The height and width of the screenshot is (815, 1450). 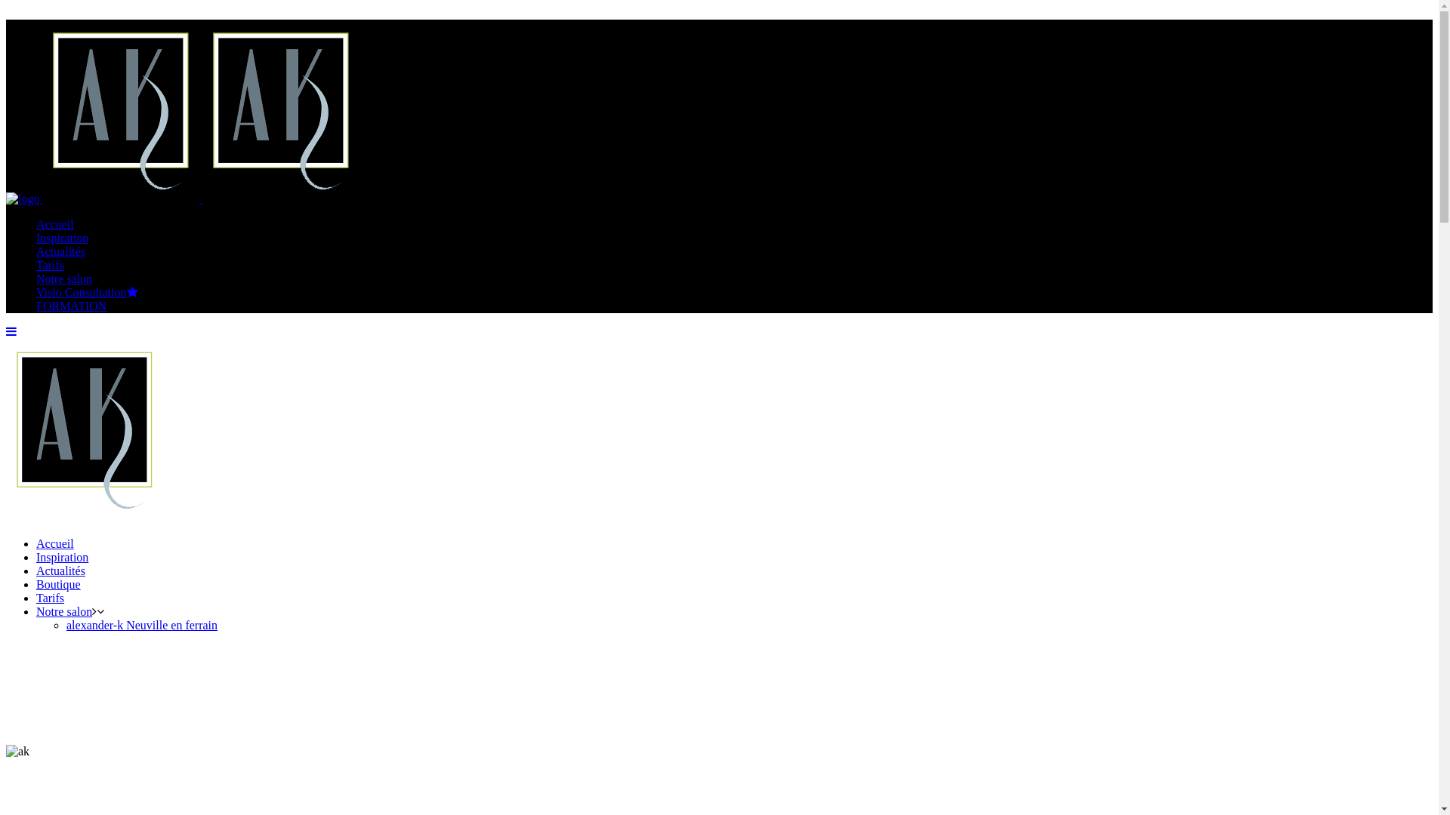 I want to click on 'Inspiration', so click(x=61, y=238).